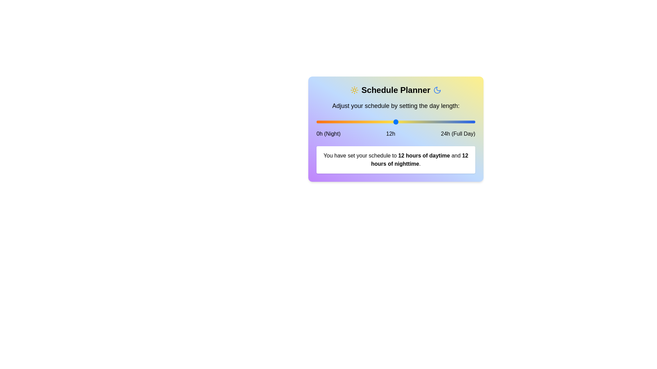  Describe the element at coordinates (396, 122) in the screenshot. I see `the slider to set daytime hours to 12` at that location.